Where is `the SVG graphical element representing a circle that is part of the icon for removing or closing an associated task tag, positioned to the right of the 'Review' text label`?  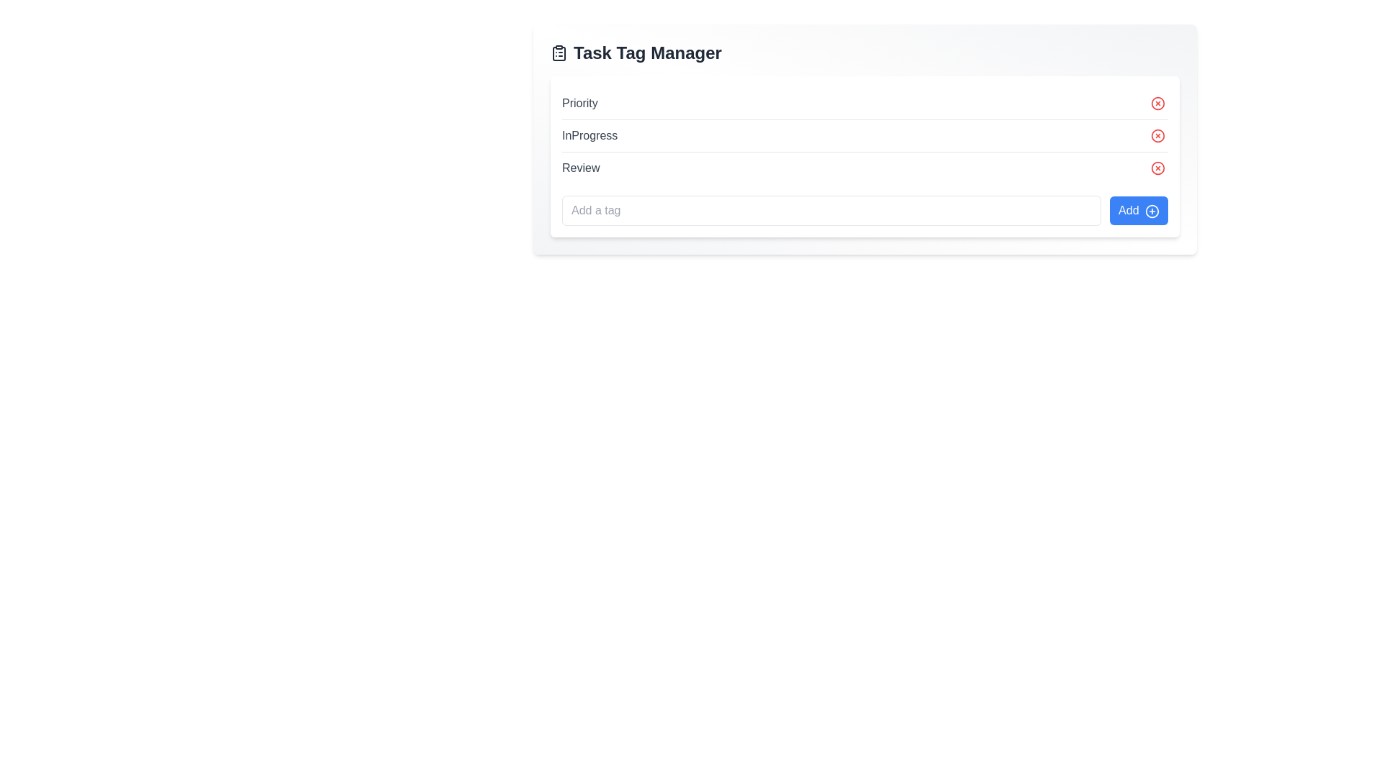 the SVG graphical element representing a circle that is part of the icon for removing or closing an associated task tag, positioned to the right of the 'Review' text label is located at coordinates (1157, 168).